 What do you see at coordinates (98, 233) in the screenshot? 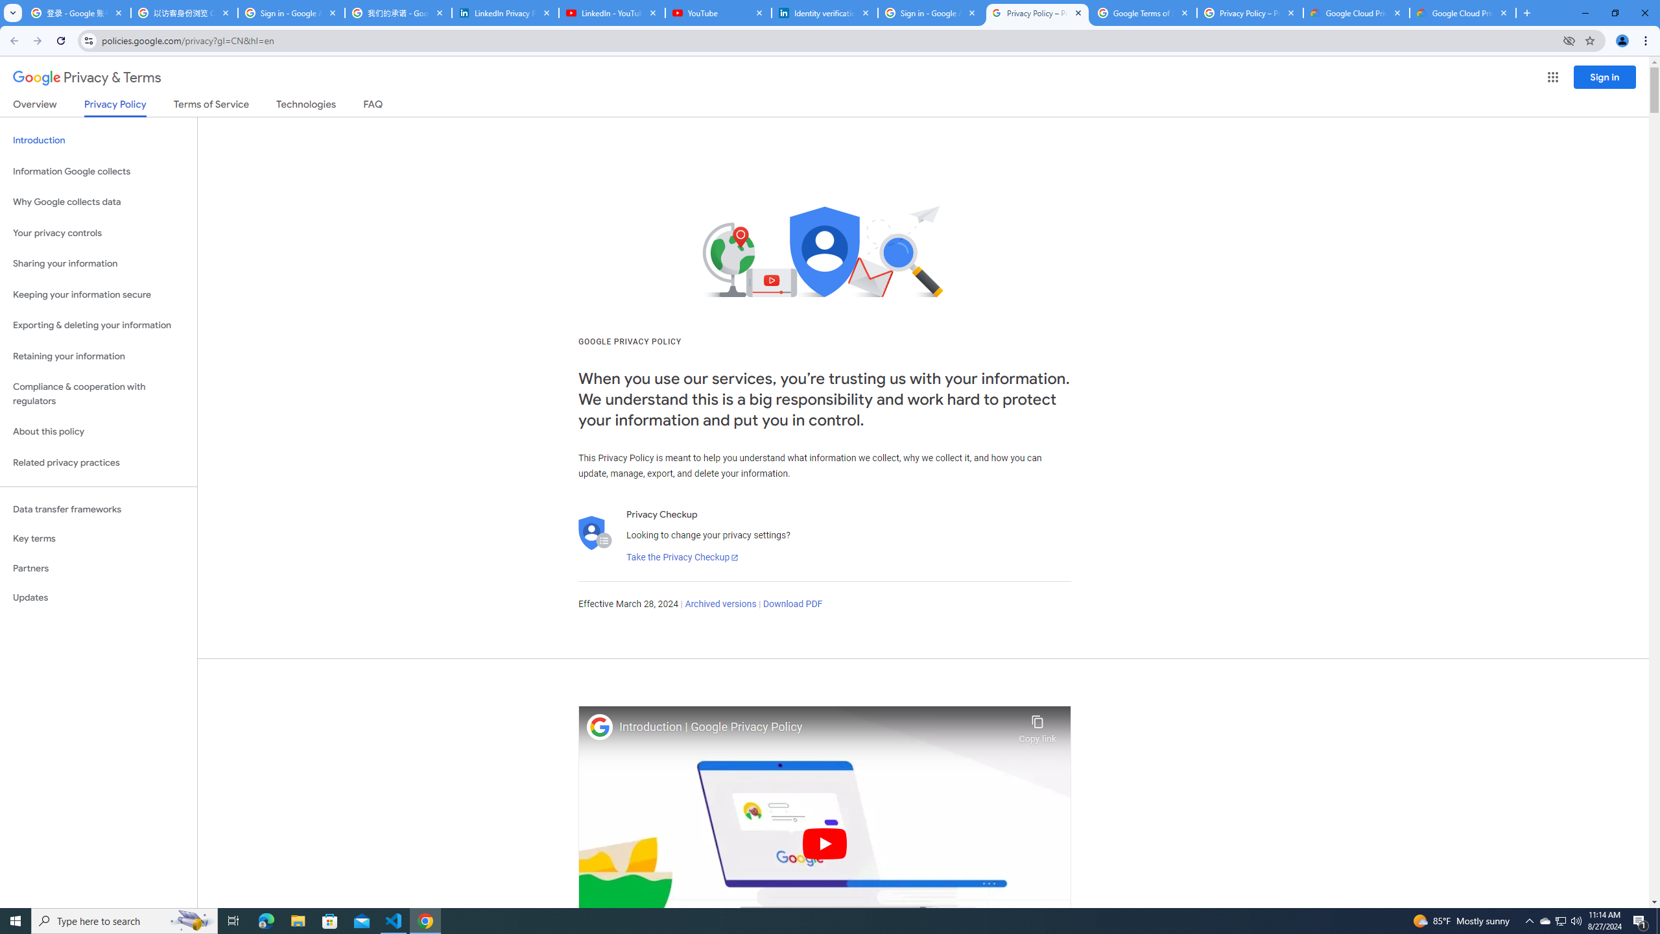
I see `'Your privacy controls'` at bounding box center [98, 233].